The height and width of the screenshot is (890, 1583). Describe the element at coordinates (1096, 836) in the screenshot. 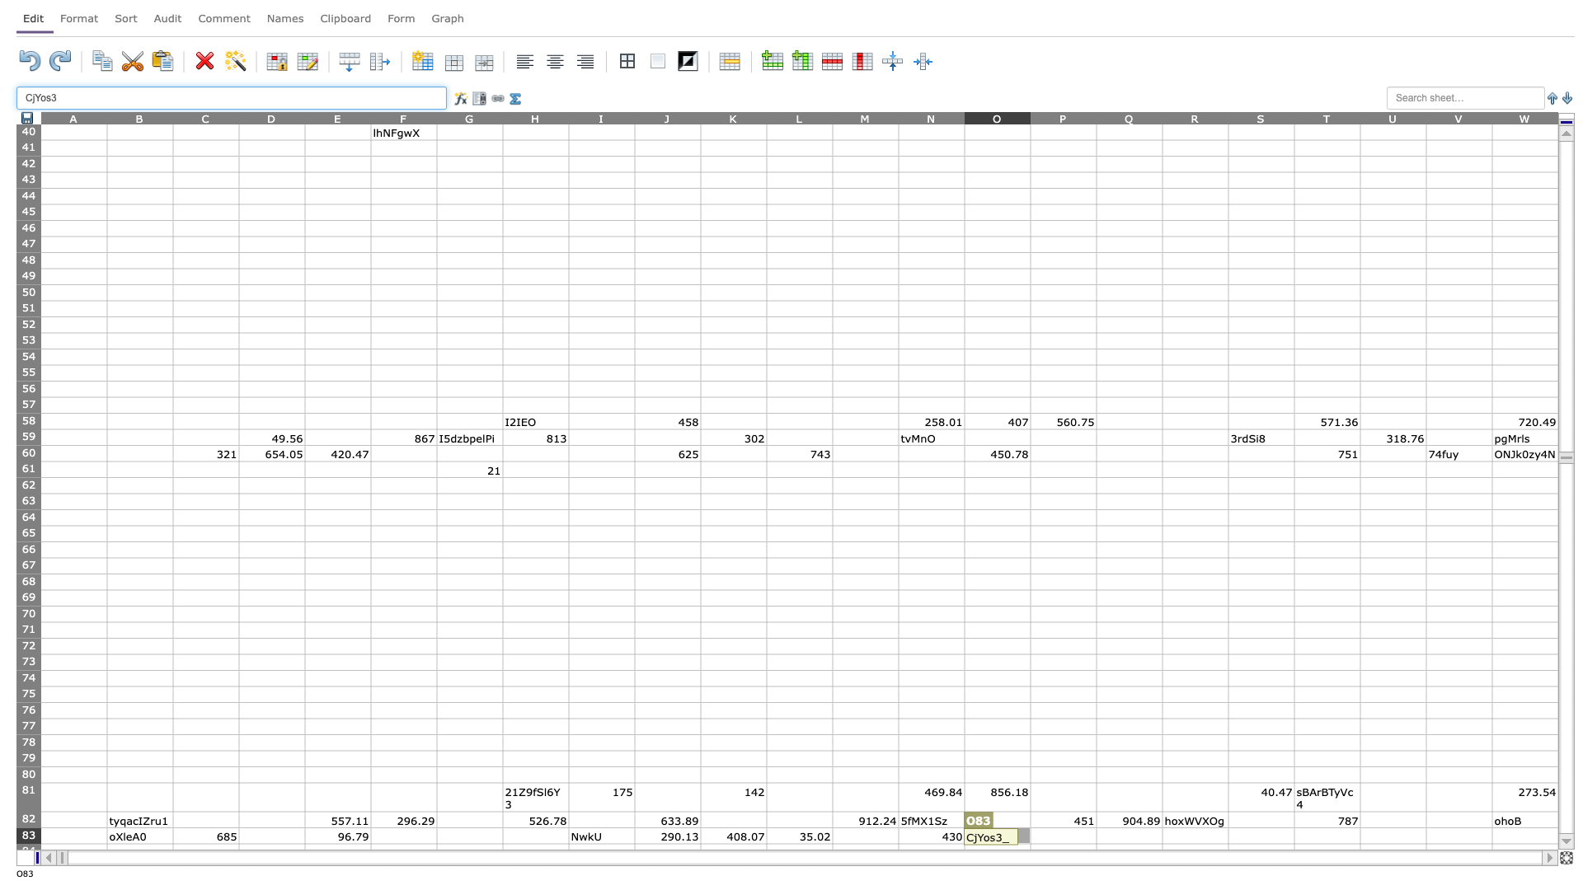

I see `Right side boundary of P83` at that location.